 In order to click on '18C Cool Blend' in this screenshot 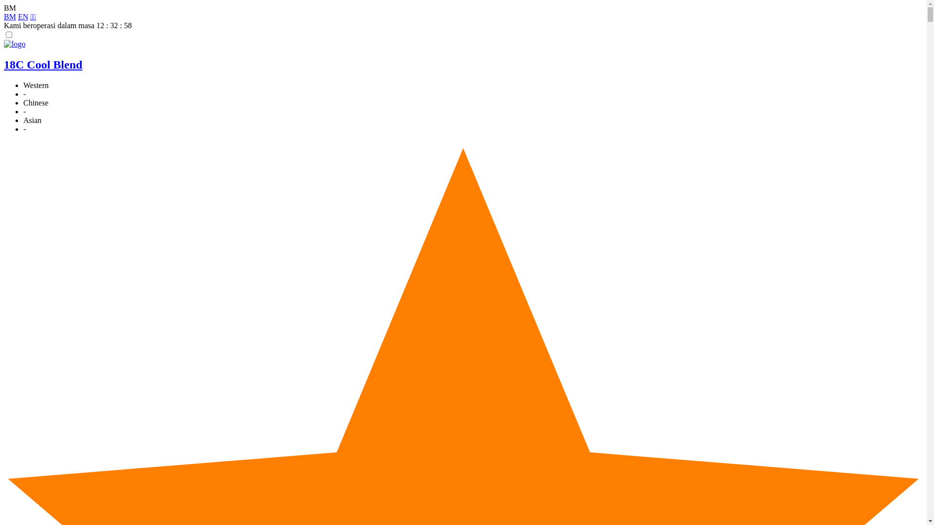, I will do `click(42, 64)`.